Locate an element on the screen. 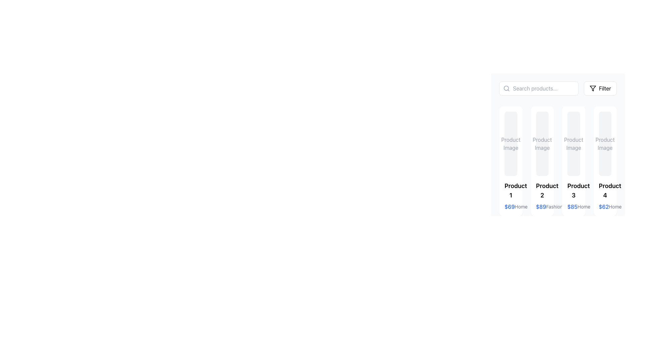 This screenshot has height=362, width=645. text label indicating the filter function on the button located in the top-right corner of the card layout, next to the funnel icon is located at coordinates (605, 88).